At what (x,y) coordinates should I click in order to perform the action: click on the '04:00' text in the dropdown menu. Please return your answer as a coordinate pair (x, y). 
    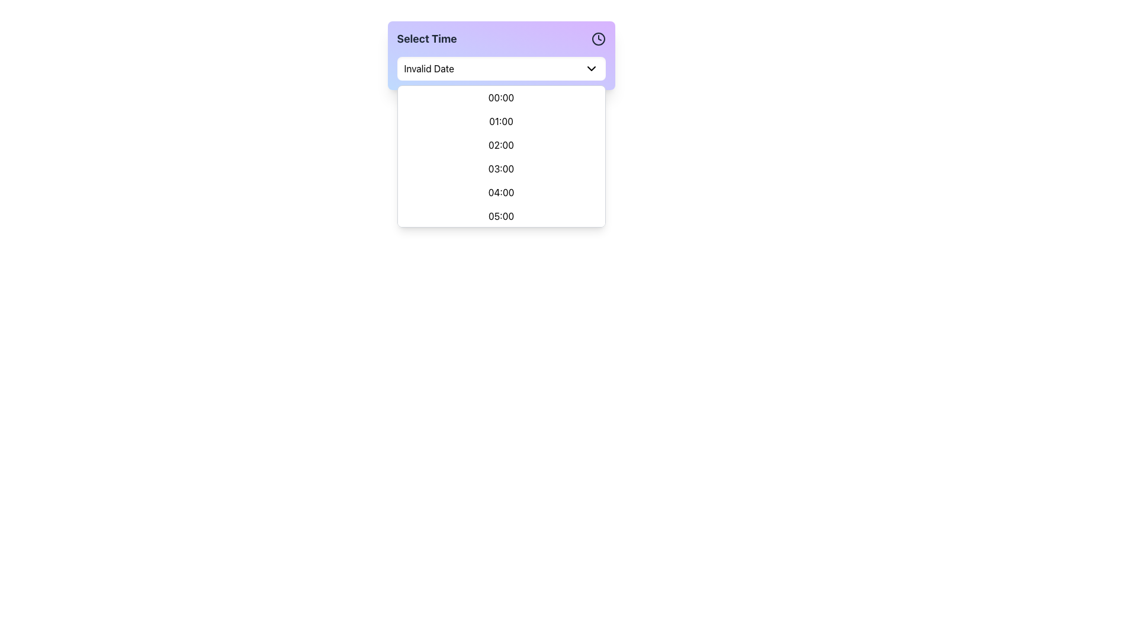
    Looking at the image, I should click on (501, 191).